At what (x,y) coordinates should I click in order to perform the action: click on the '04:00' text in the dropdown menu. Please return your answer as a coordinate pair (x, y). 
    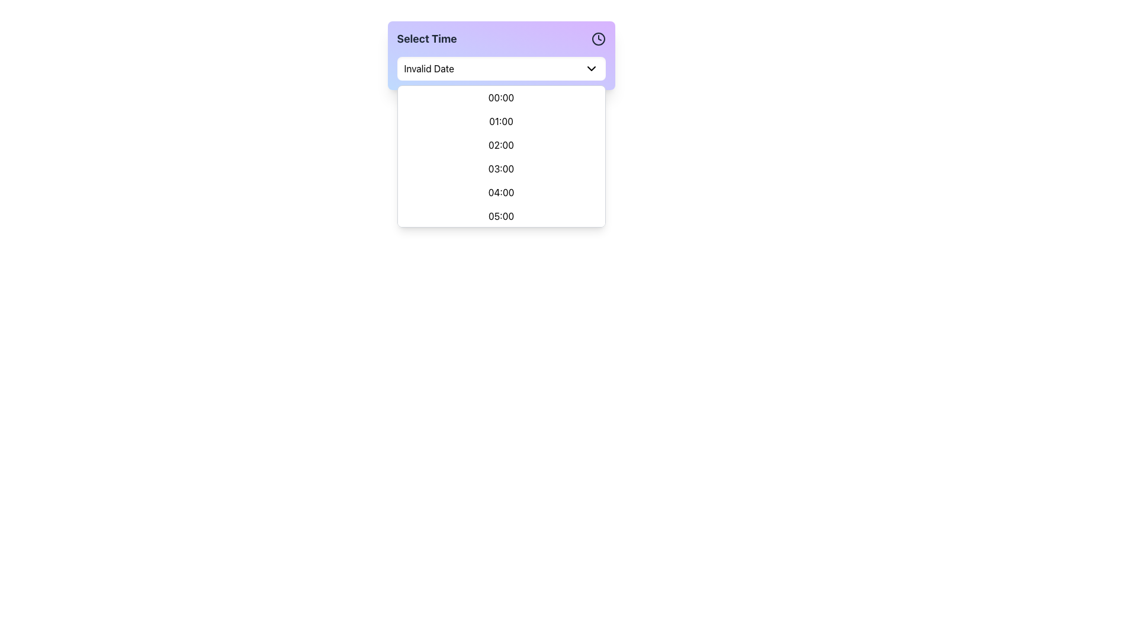
    Looking at the image, I should click on (501, 191).